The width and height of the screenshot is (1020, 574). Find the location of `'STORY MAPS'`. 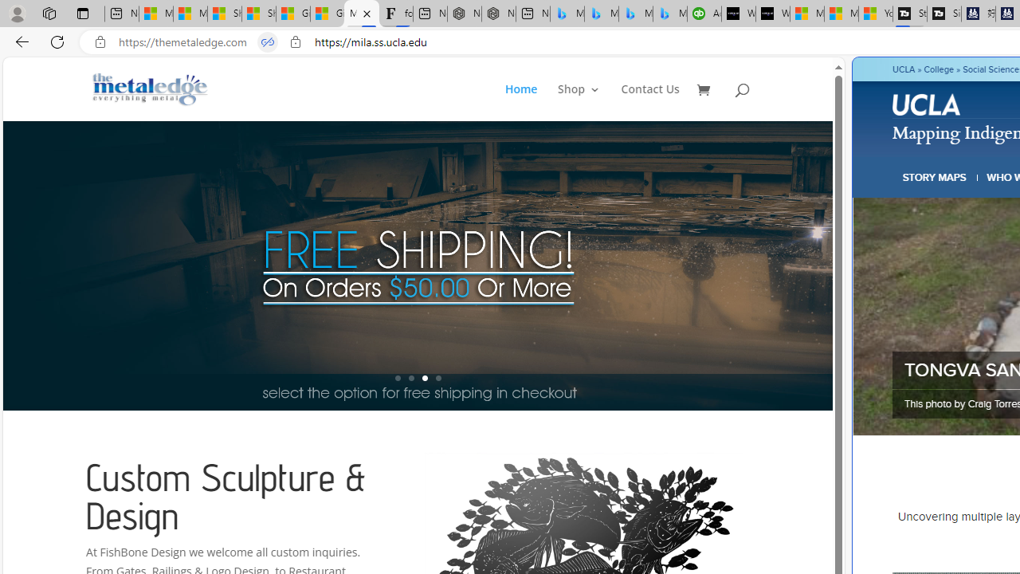

'STORY MAPS' is located at coordinates (935, 177).